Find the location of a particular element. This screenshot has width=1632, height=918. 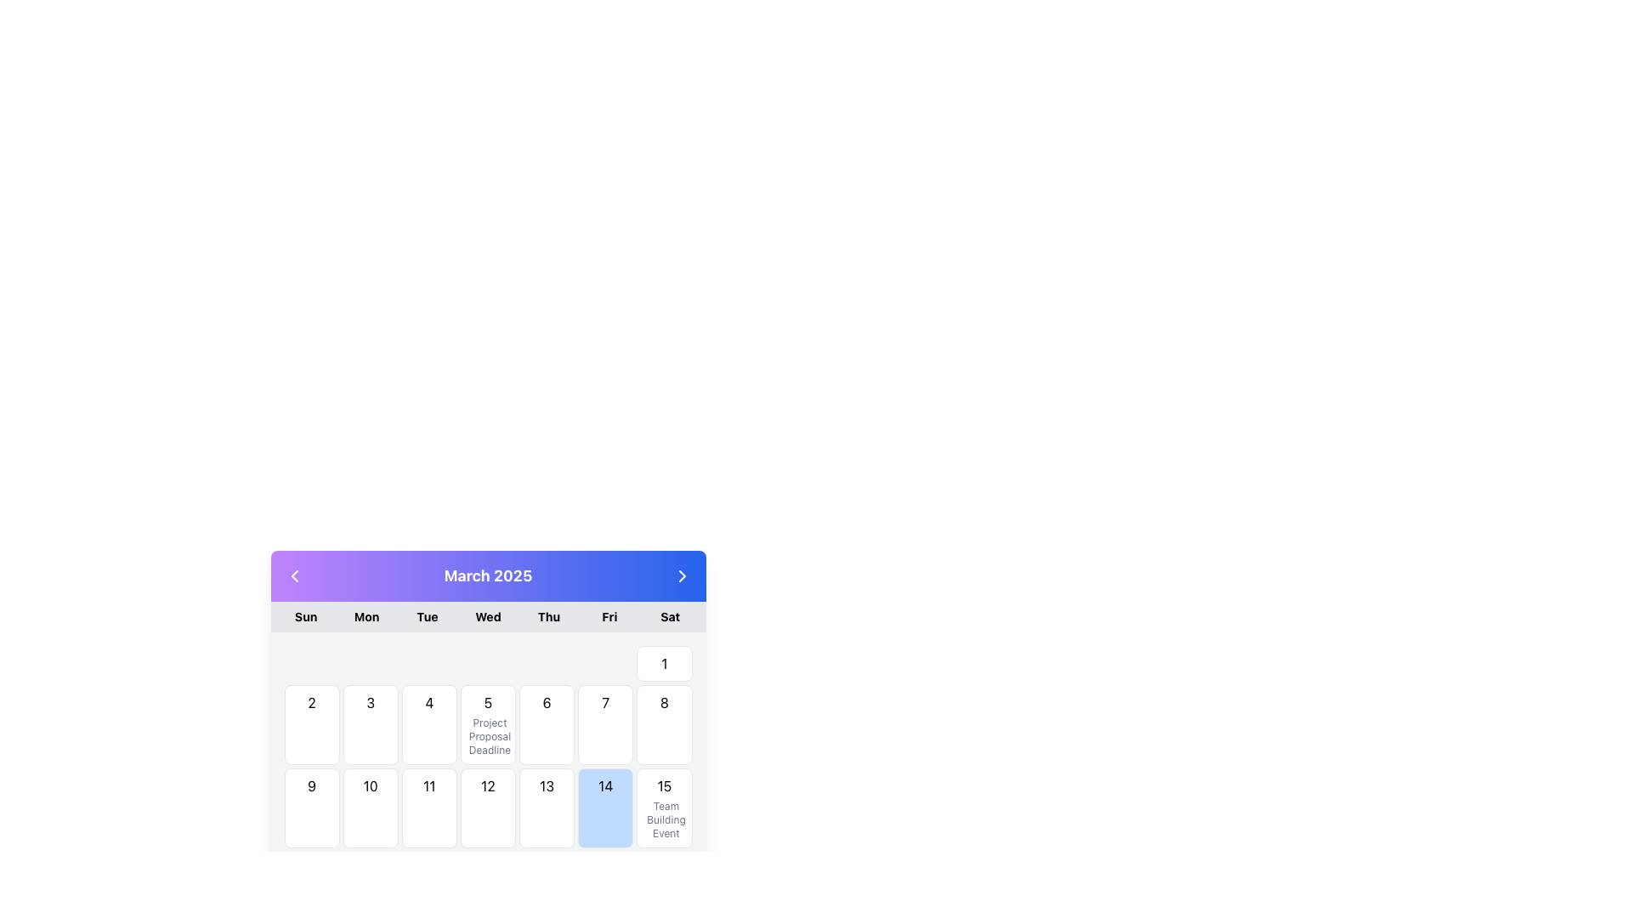

the calendar day box containing the number '6' is located at coordinates (547, 724).